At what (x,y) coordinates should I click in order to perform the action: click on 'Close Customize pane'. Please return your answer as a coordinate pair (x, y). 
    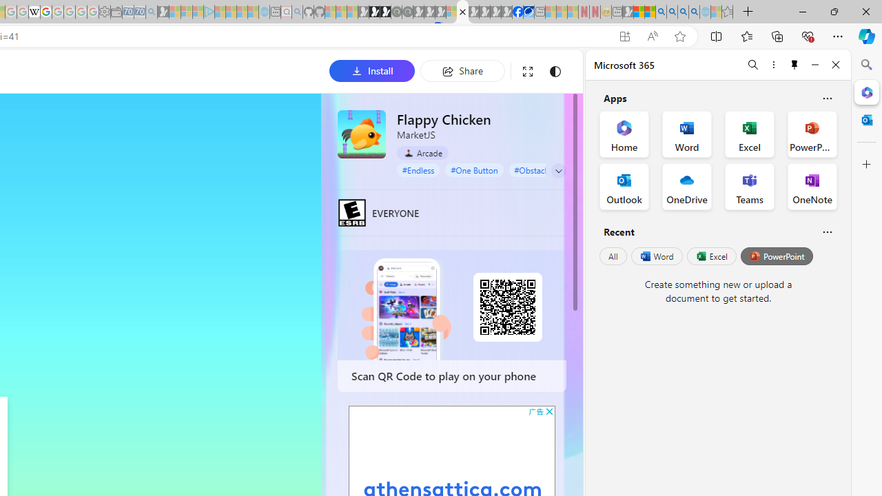
    Looking at the image, I should click on (866, 164).